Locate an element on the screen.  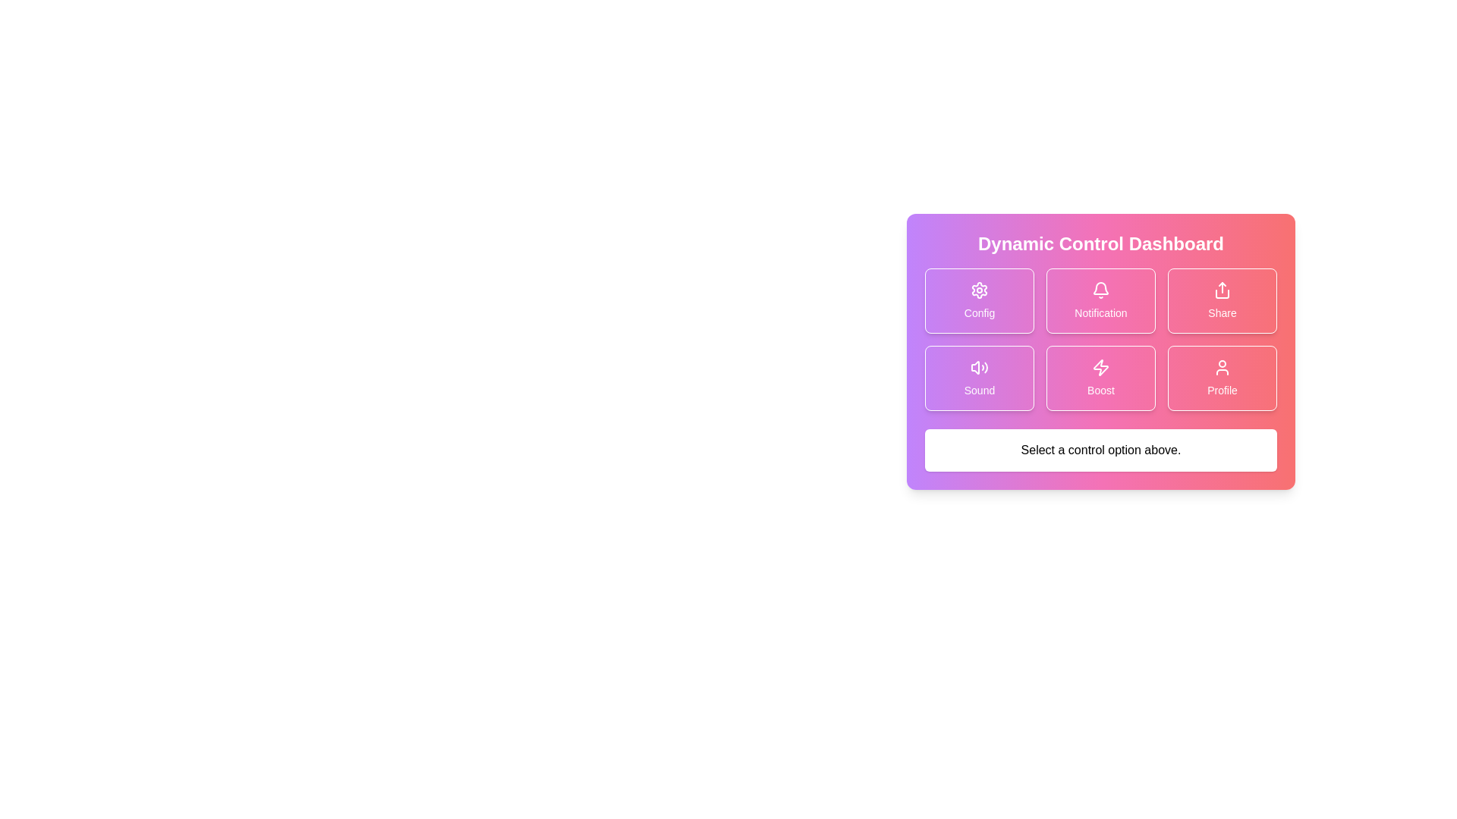
the share icon, which is a white arrow on a pink background, located in the top-right grid item of the 'Dynamic Control Dashboard' section is located at coordinates (1223, 290).